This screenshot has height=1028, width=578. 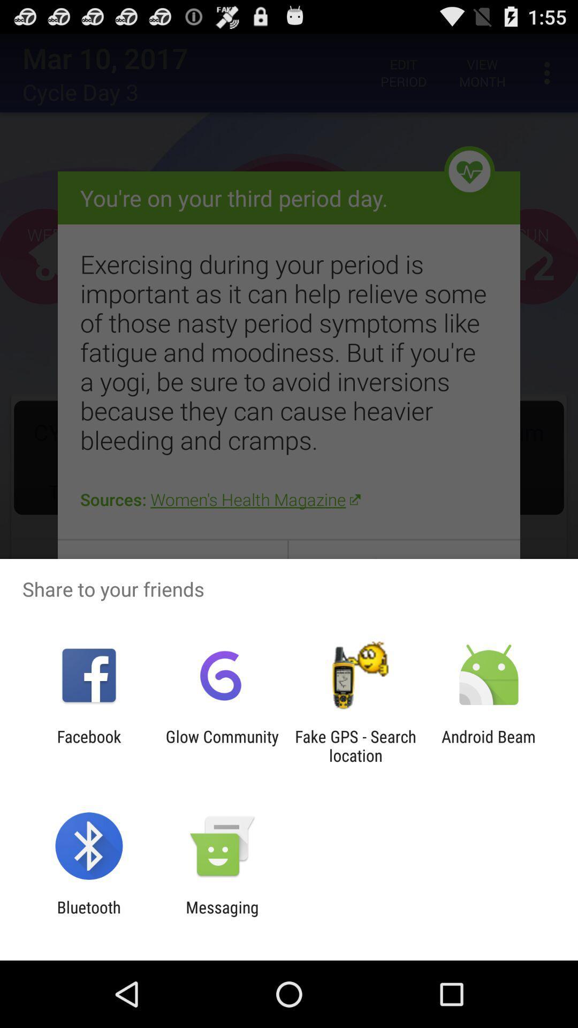 What do you see at coordinates (222, 745) in the screenshot?
I see `glow community item` at bounding box center [222, 745].